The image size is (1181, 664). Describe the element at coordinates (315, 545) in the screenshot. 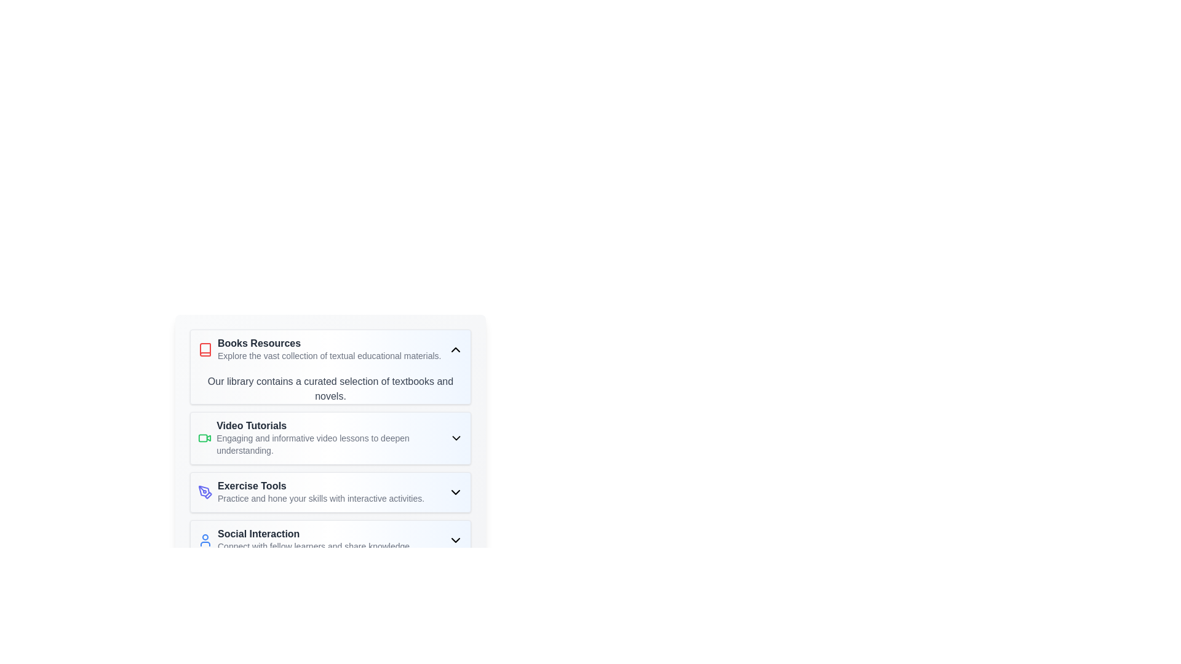

I see `descriptive text about the 'Social Interaction' feature located below the title 'Social Interaction' in the card-like UI section` at that location.